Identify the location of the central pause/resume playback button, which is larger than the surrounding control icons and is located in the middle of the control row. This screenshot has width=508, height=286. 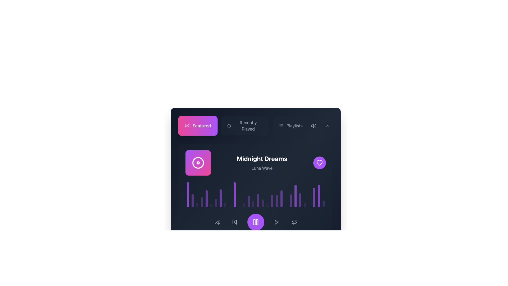
(256, 222).